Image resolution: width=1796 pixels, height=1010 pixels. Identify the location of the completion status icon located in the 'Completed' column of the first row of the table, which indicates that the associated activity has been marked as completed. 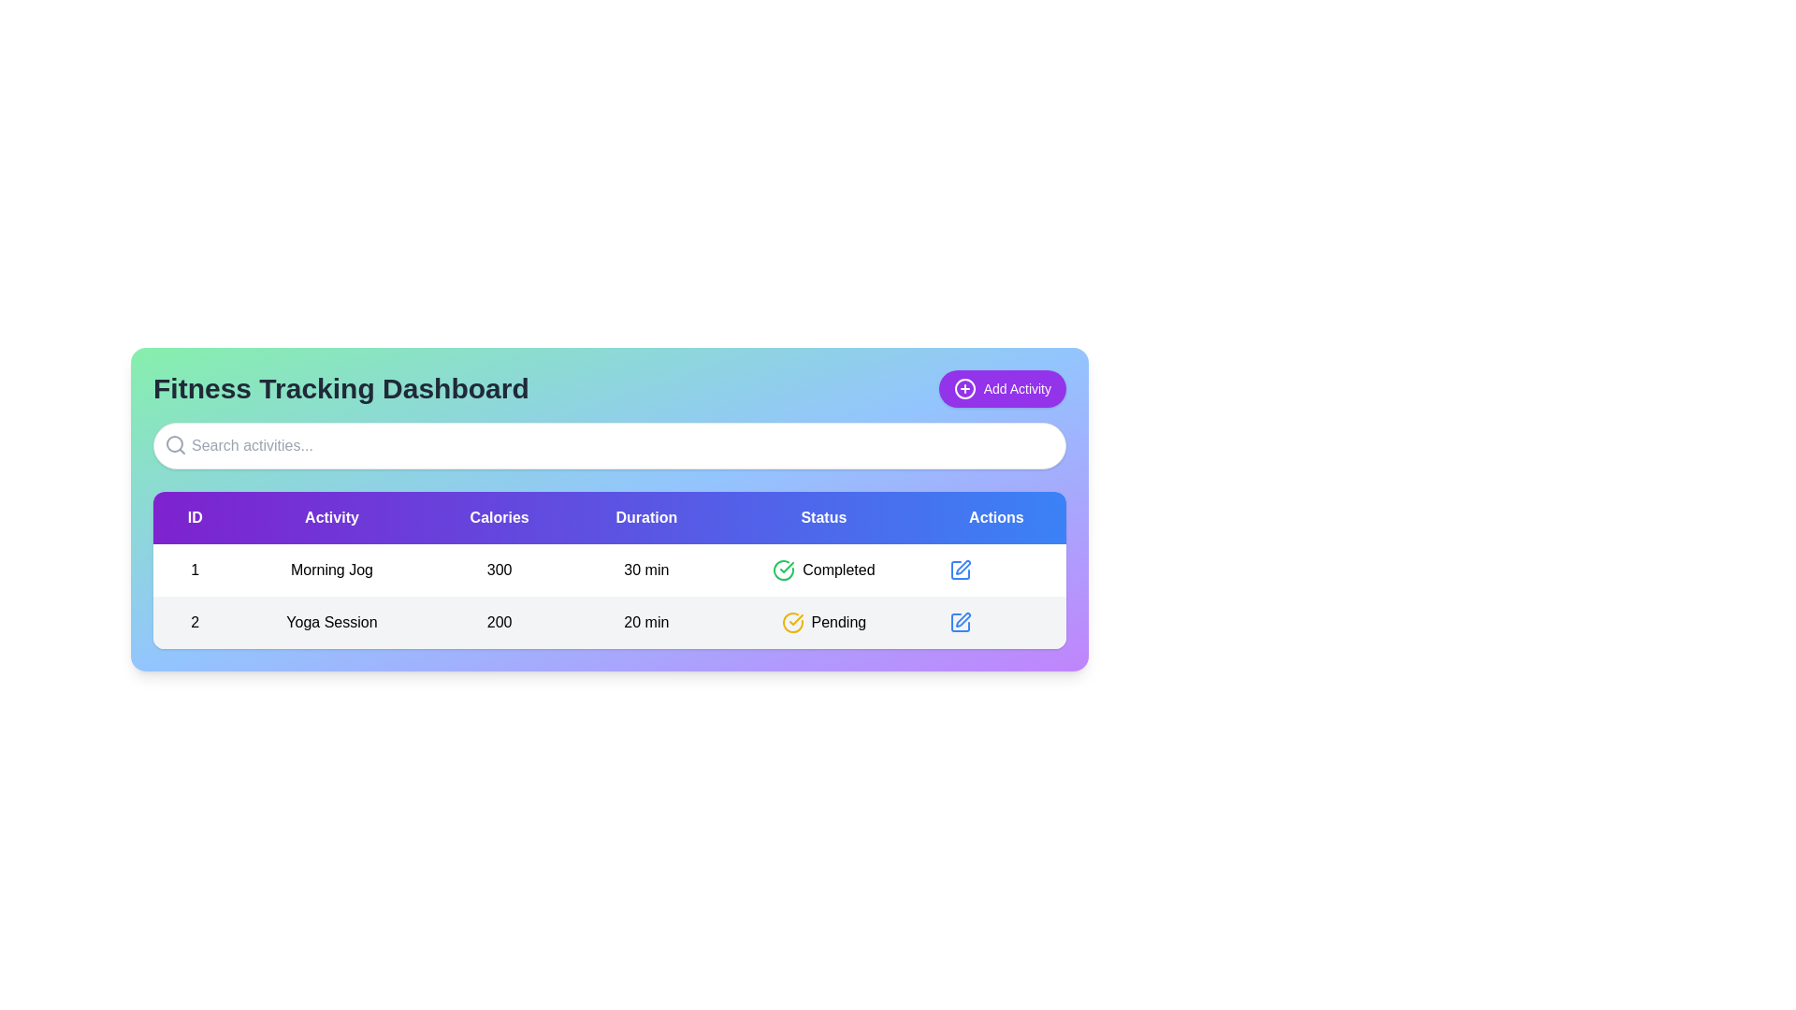
(787, 566).